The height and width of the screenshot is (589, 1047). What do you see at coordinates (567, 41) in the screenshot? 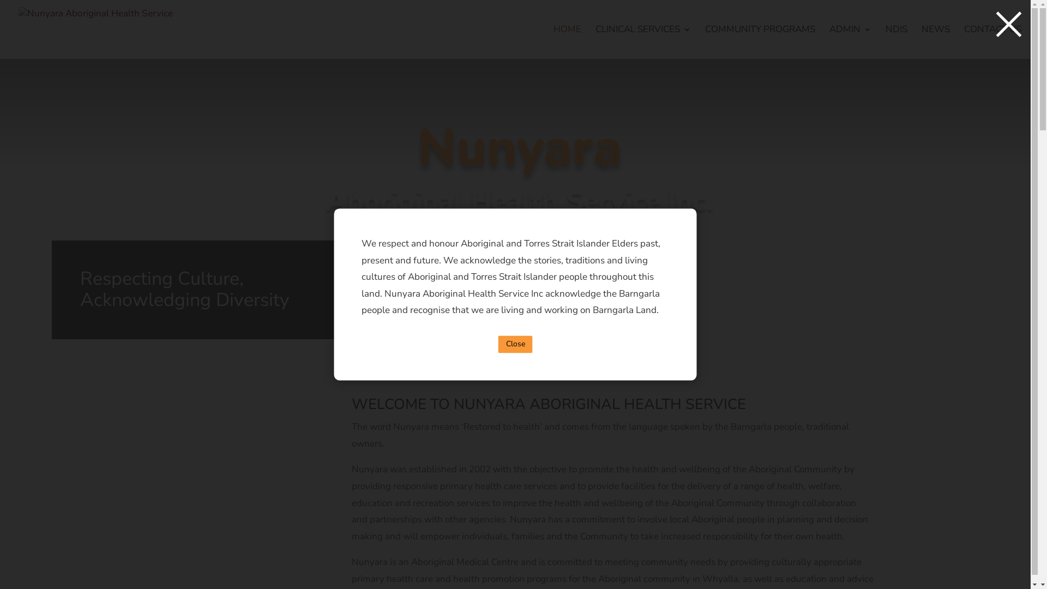
I see `'HOME'` at bounding box center [567, 41].